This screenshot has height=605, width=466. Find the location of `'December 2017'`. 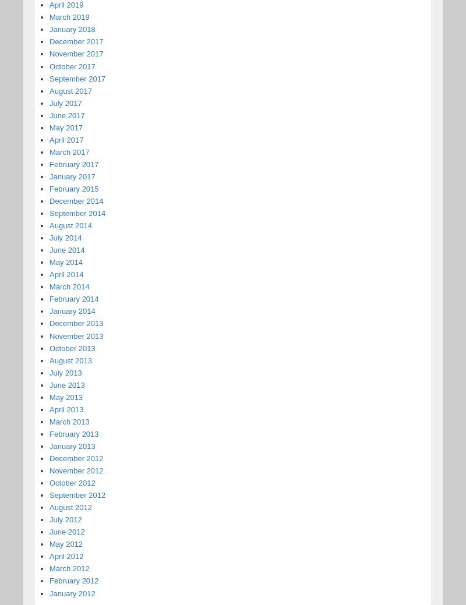

'December 2017' is located at coordinates (76, 41).